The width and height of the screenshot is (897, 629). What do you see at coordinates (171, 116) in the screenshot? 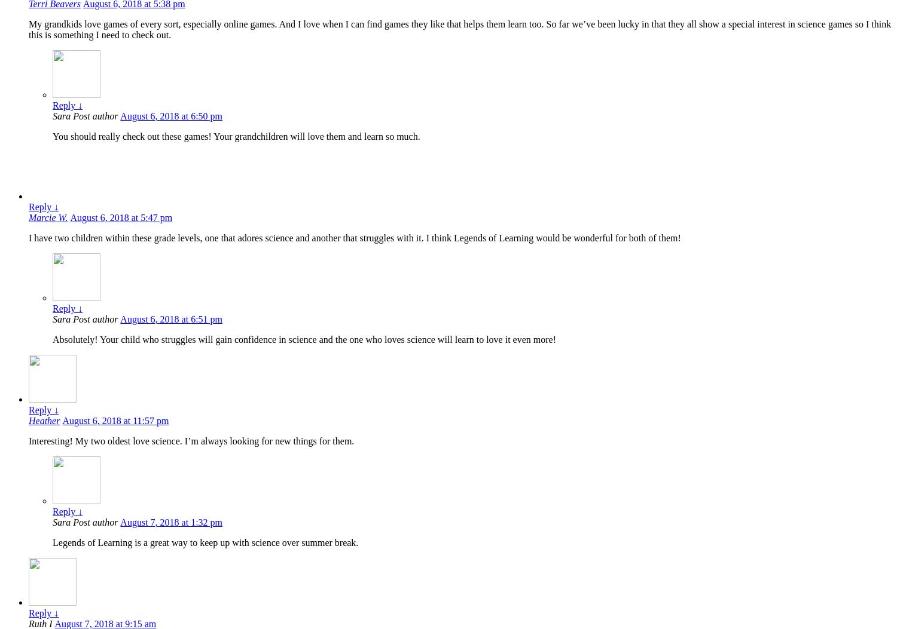
I see `'August 6, 2018 at 6:50 pm'` at bounding box center [171, 116].